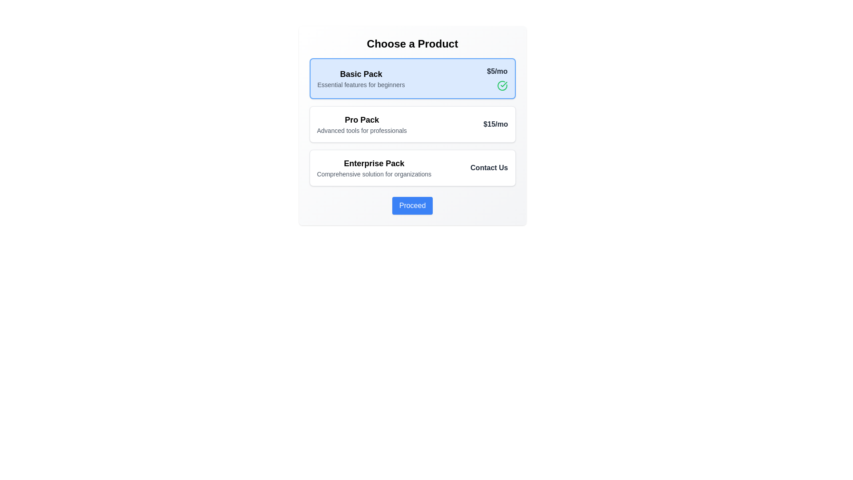  What do you see at coordinates (362, 124) in the screenshot?
I see `the product name and description label located between the 'Basic Pack' and 'Enterprise Pack' options in the vertical list of product offerings` at bounding box center [362, 124].